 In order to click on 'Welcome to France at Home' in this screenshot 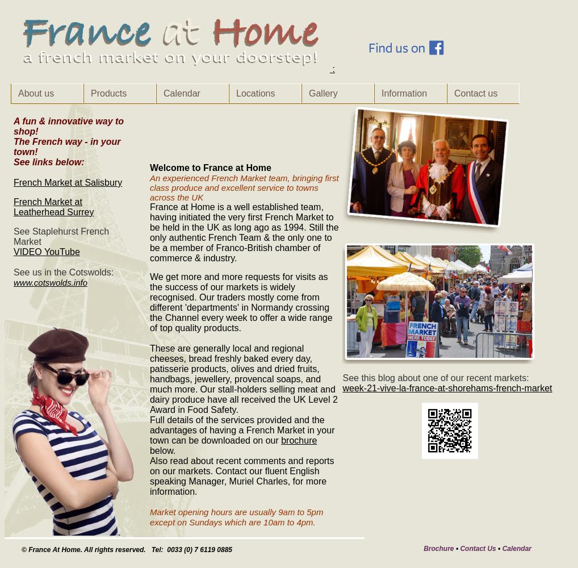, I will do `click(210, 168)`.